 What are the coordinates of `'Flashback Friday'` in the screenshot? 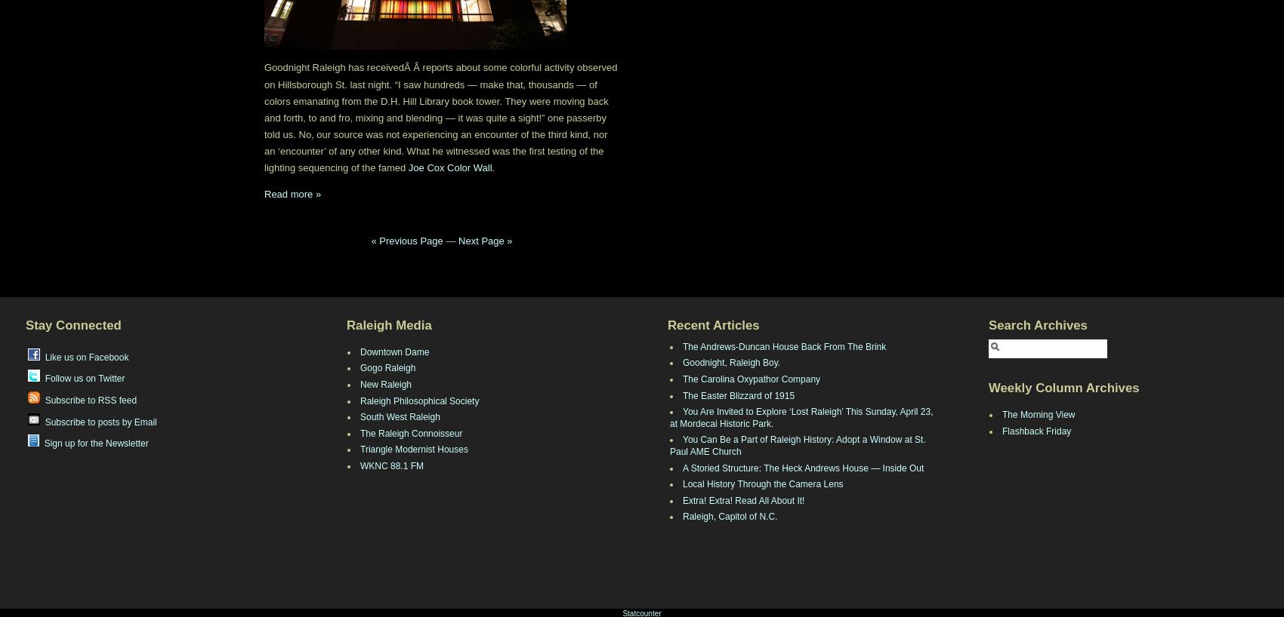 It's located at (1002, 429).